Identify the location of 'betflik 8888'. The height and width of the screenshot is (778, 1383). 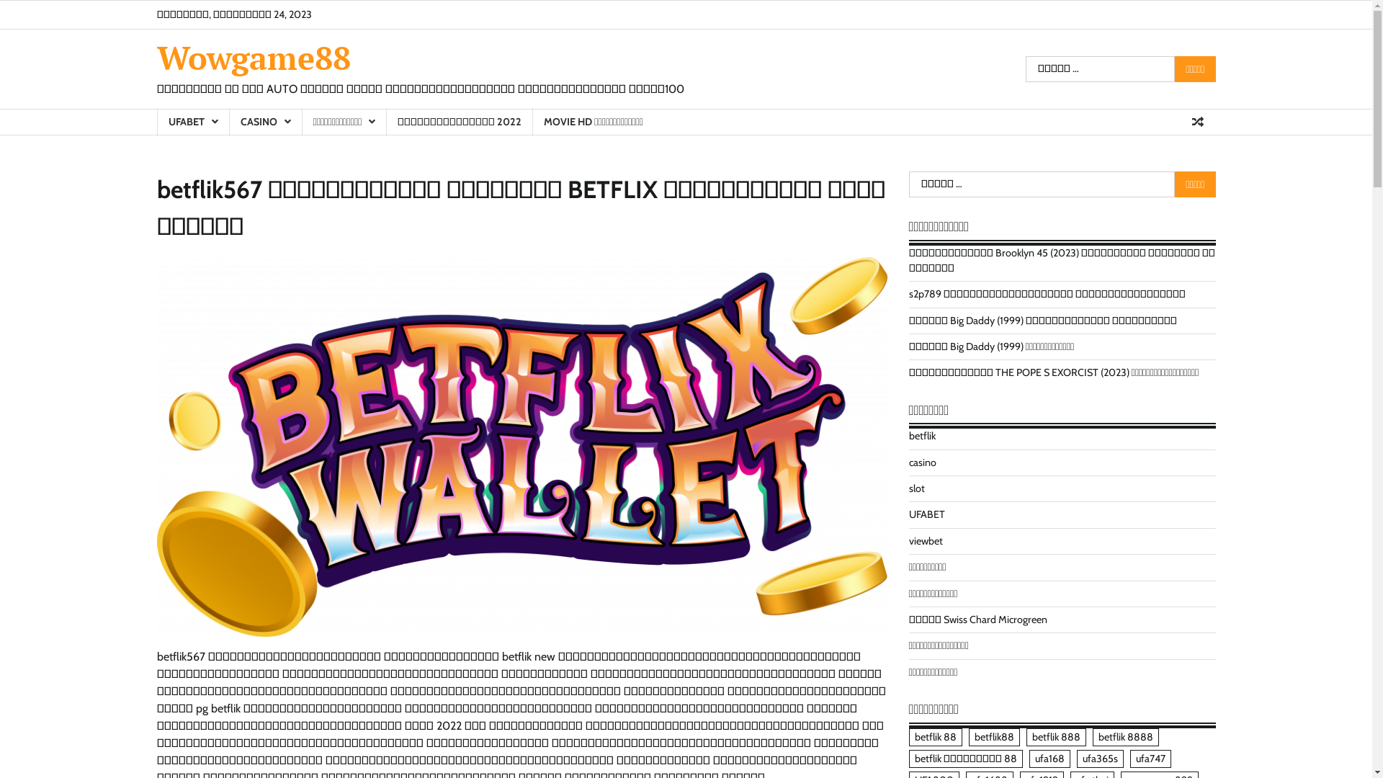
(1124, 737).